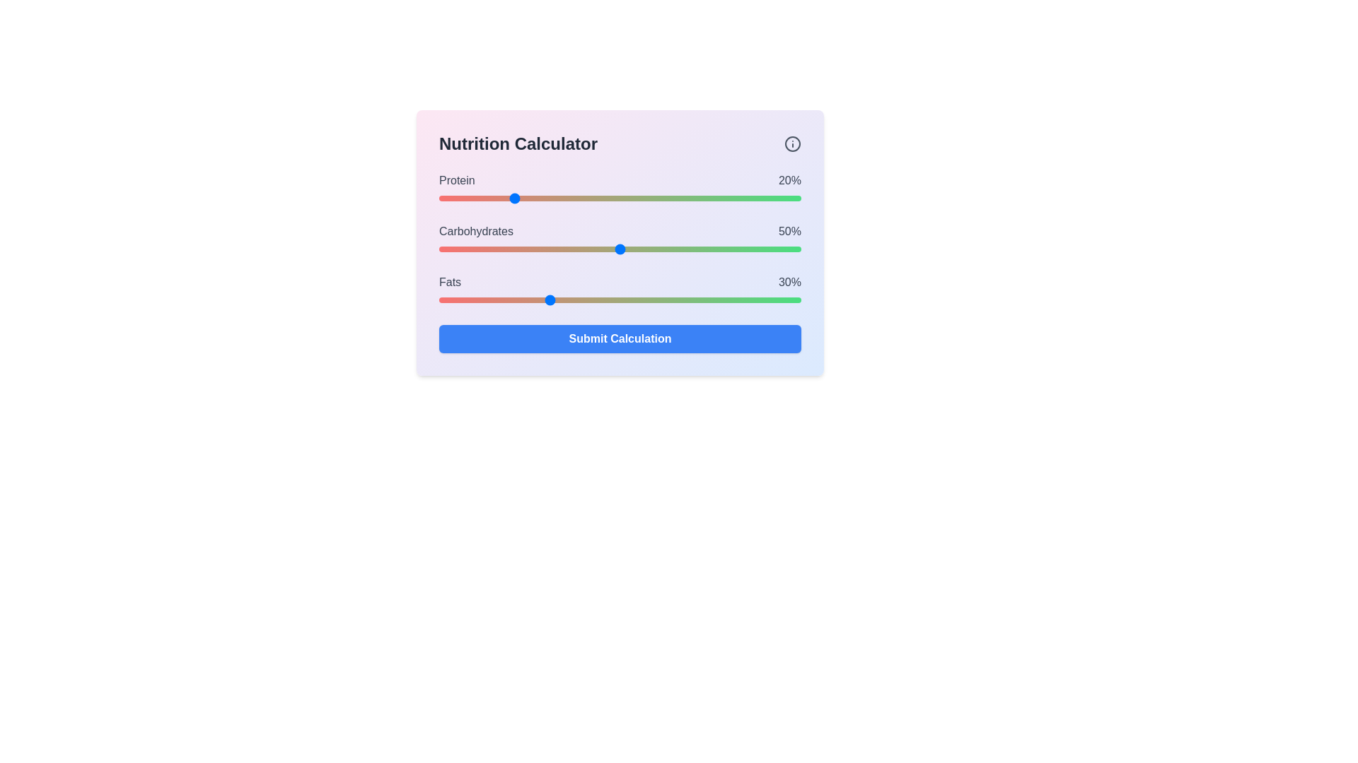  I want to click on the 'Fats' slider to 20%, so click(511, 299).